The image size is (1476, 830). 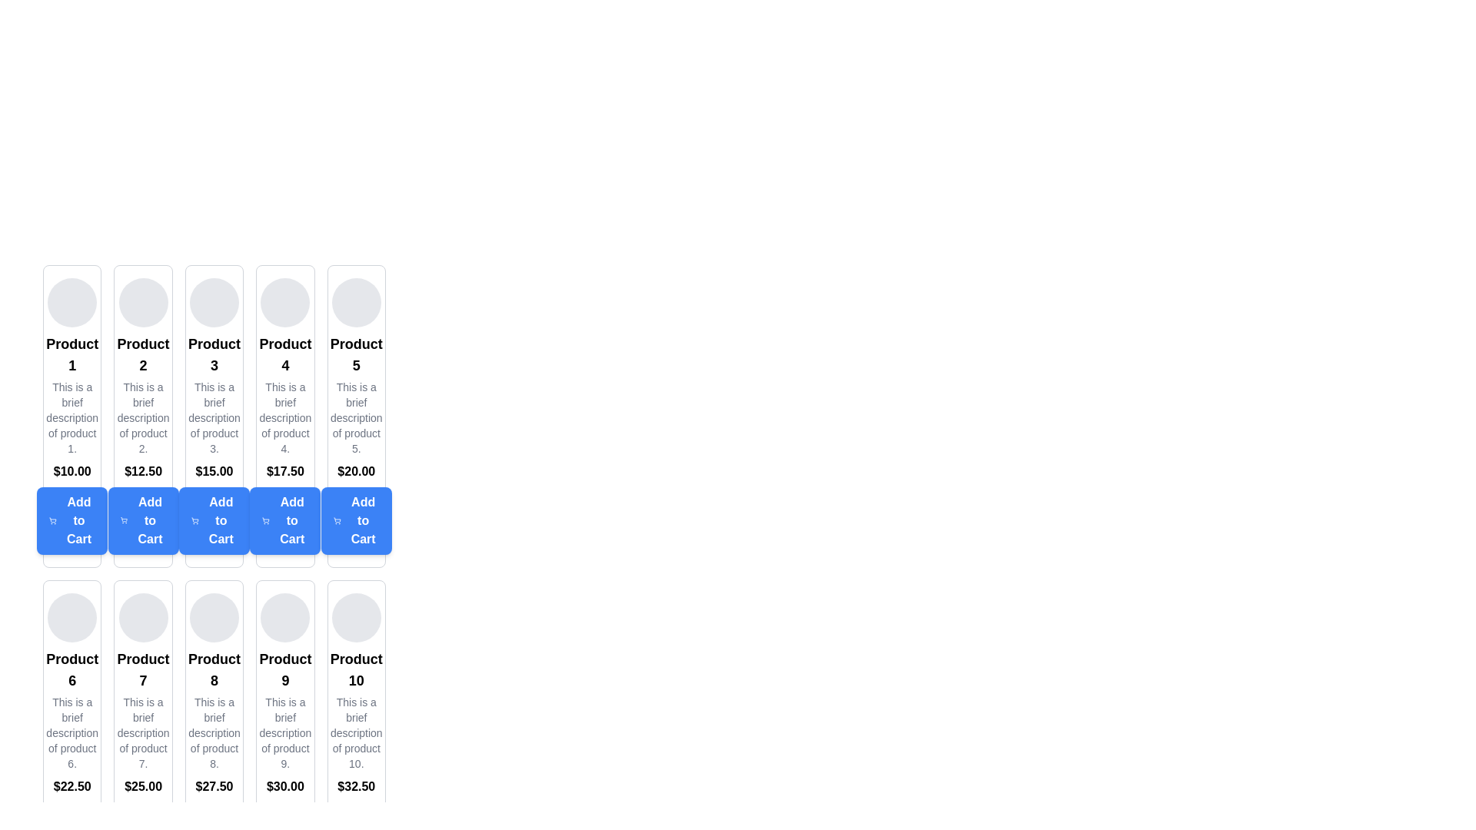 I want to click on the small shopping cart icon within the 'Add to Cart' button for Product 2, located at the bottom of the card in the product grid, so click(x=124, y=520).